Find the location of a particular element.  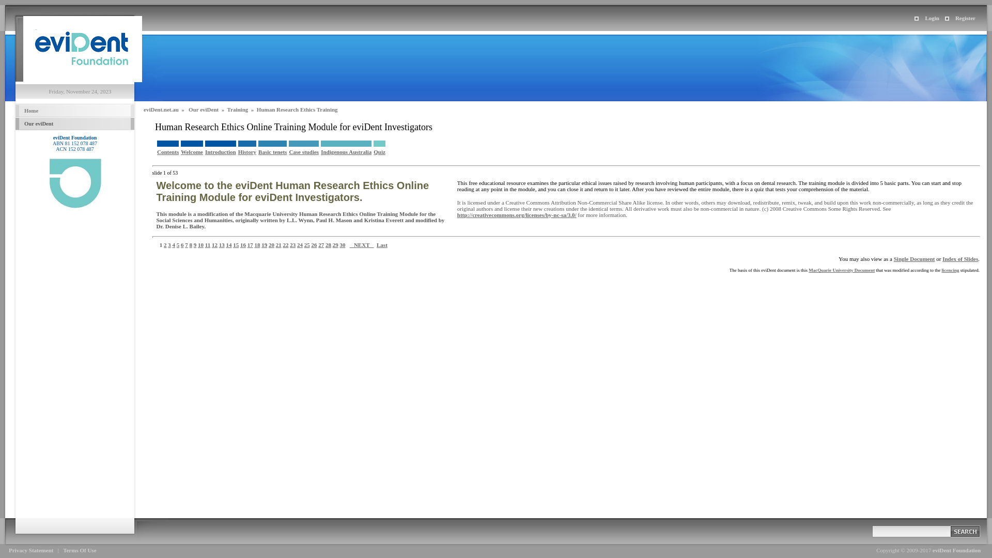

'14' is located at coordinates (228, 245).